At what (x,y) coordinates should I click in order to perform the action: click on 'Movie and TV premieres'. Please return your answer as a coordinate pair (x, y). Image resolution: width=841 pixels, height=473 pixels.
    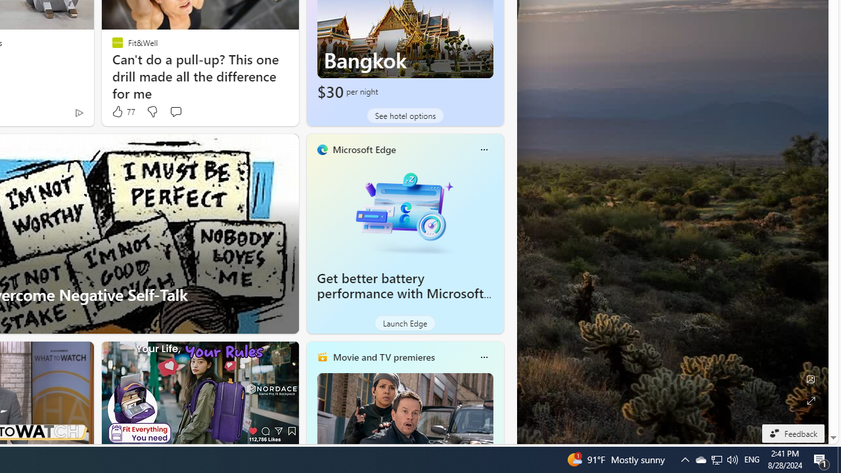
    Looking at the image, I should click on (382, 357).